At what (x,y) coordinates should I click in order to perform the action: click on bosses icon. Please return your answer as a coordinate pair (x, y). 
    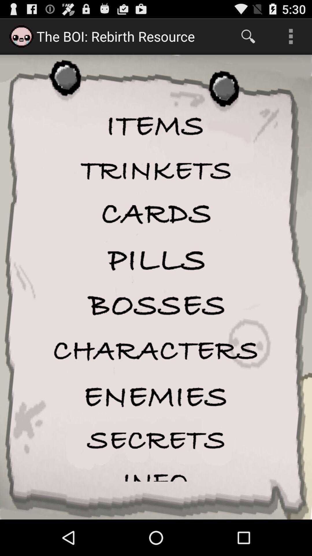
    Looking at the image, I should click on (156, 305).